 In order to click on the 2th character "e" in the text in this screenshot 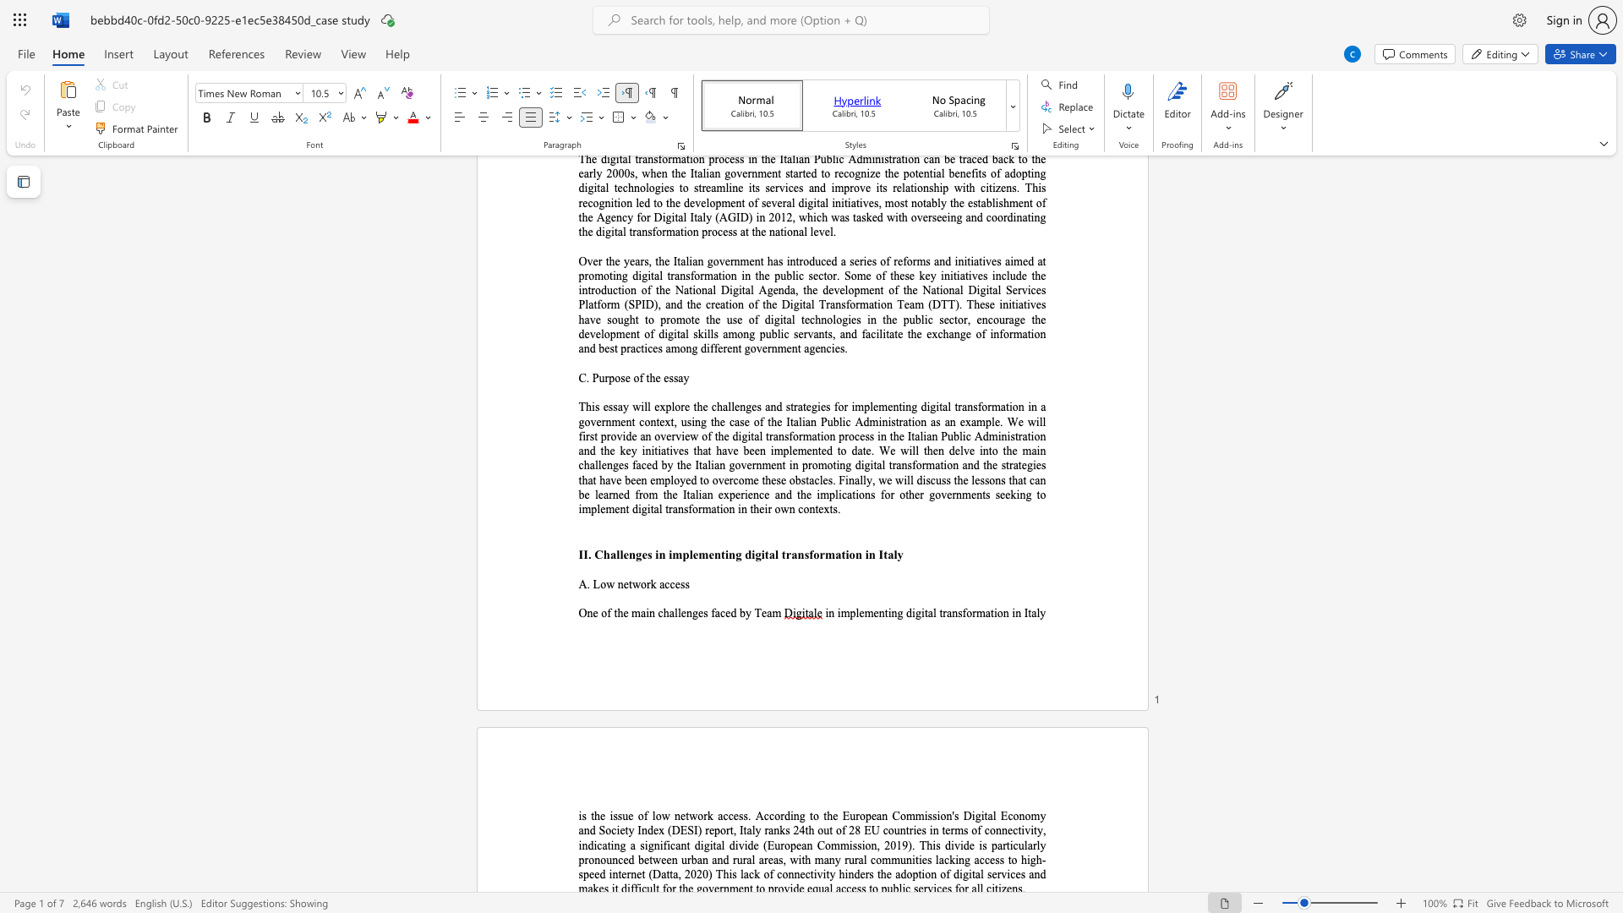, I will do `click(630, 815)`.